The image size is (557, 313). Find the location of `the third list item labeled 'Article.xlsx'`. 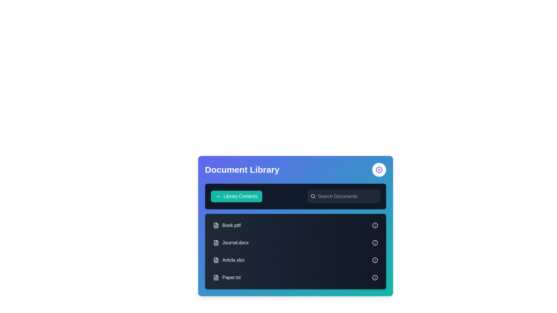

the third list item labeled 'Article.xlsx' is located at coordinates (295, 260).